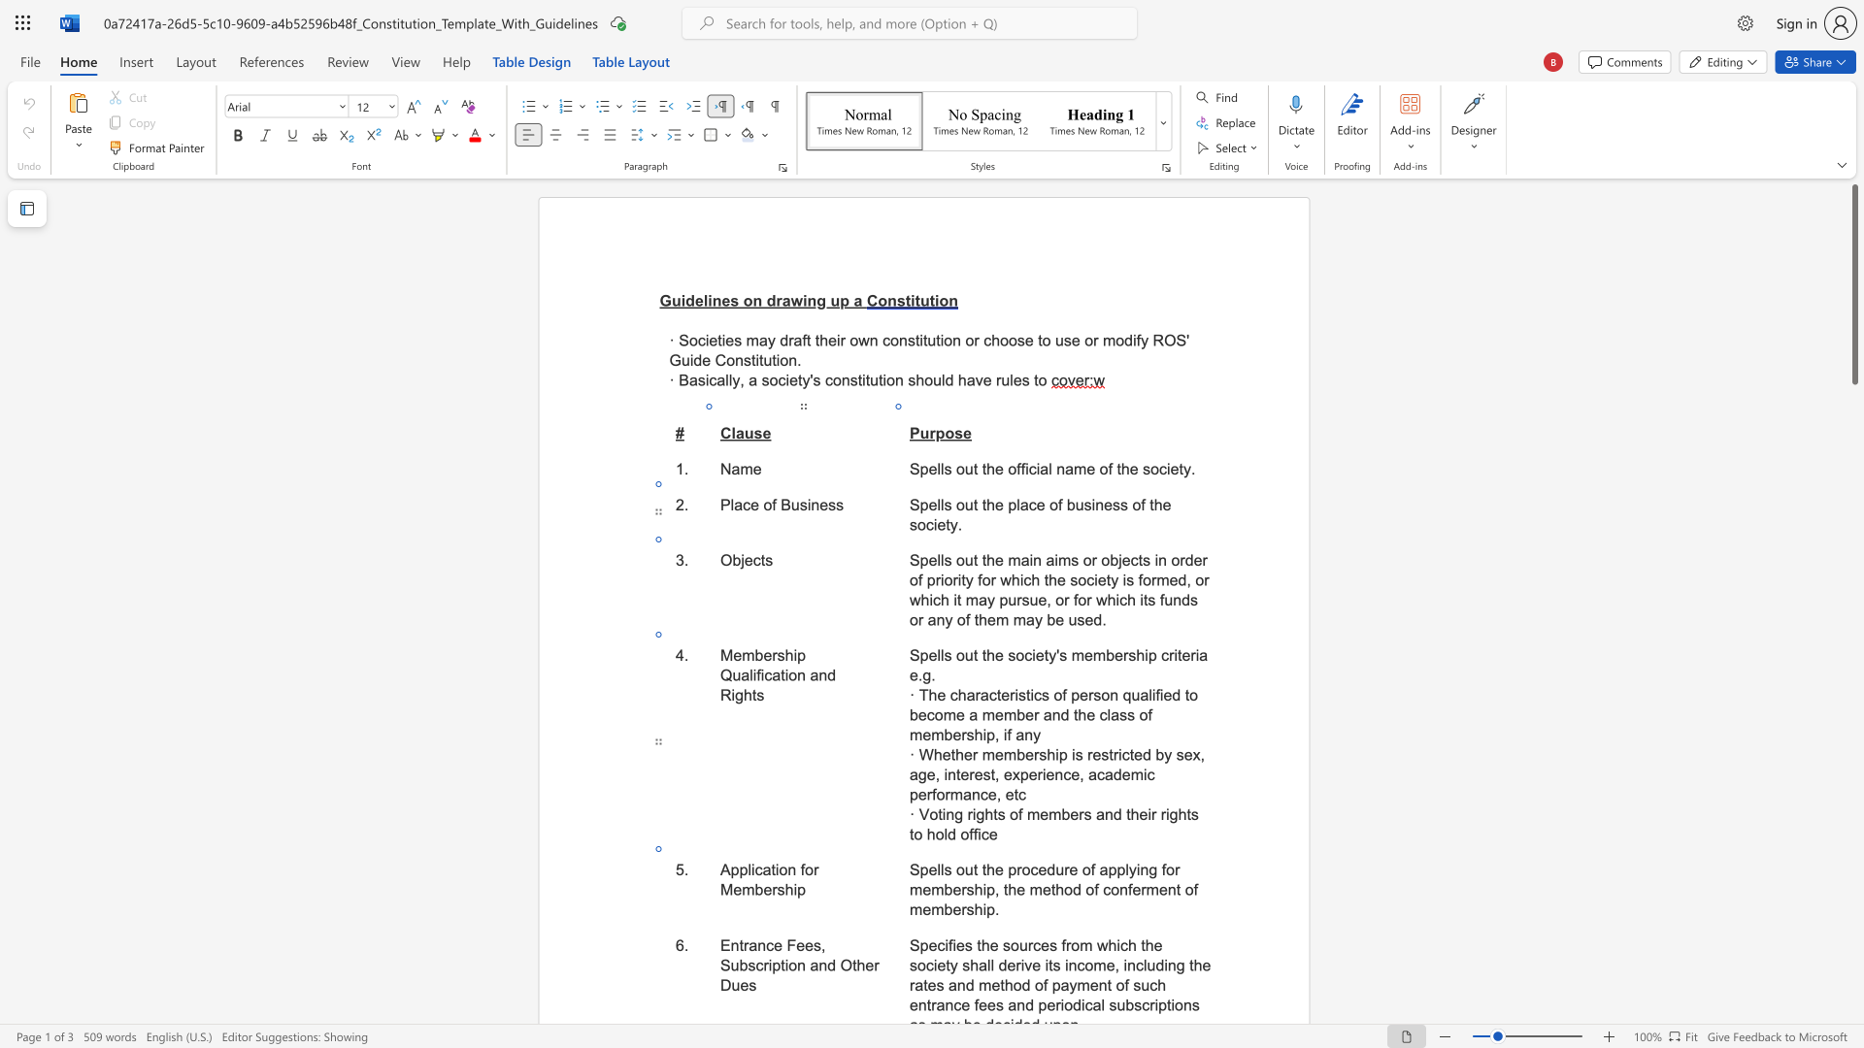 The width and height of the screenshot is (1864, 1048). I want to click on the 3th character "e" in the text, so click(999, 754).